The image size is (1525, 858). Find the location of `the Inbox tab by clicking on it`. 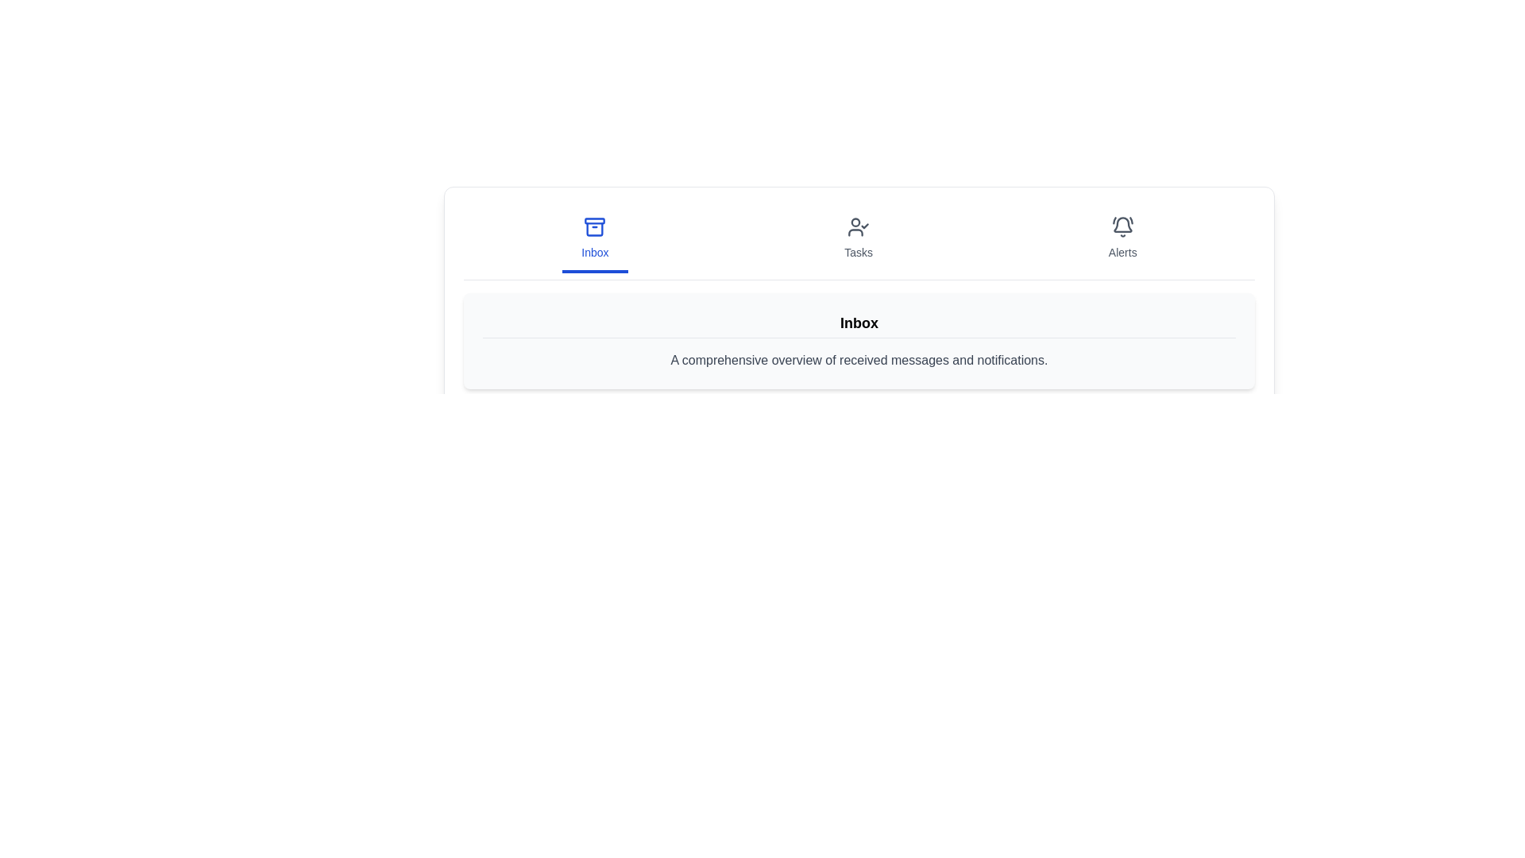

the Inbox tab by clicking on it is located at coordinates (593, 239).